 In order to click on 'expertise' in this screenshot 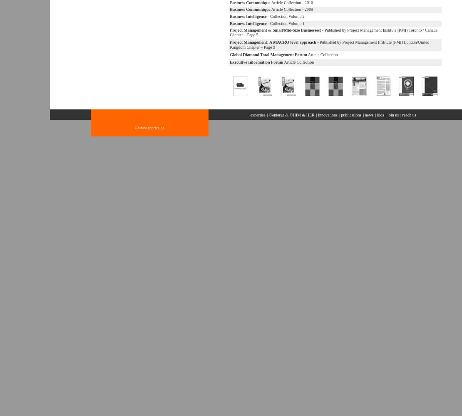, I will do `click(257, 115)`.